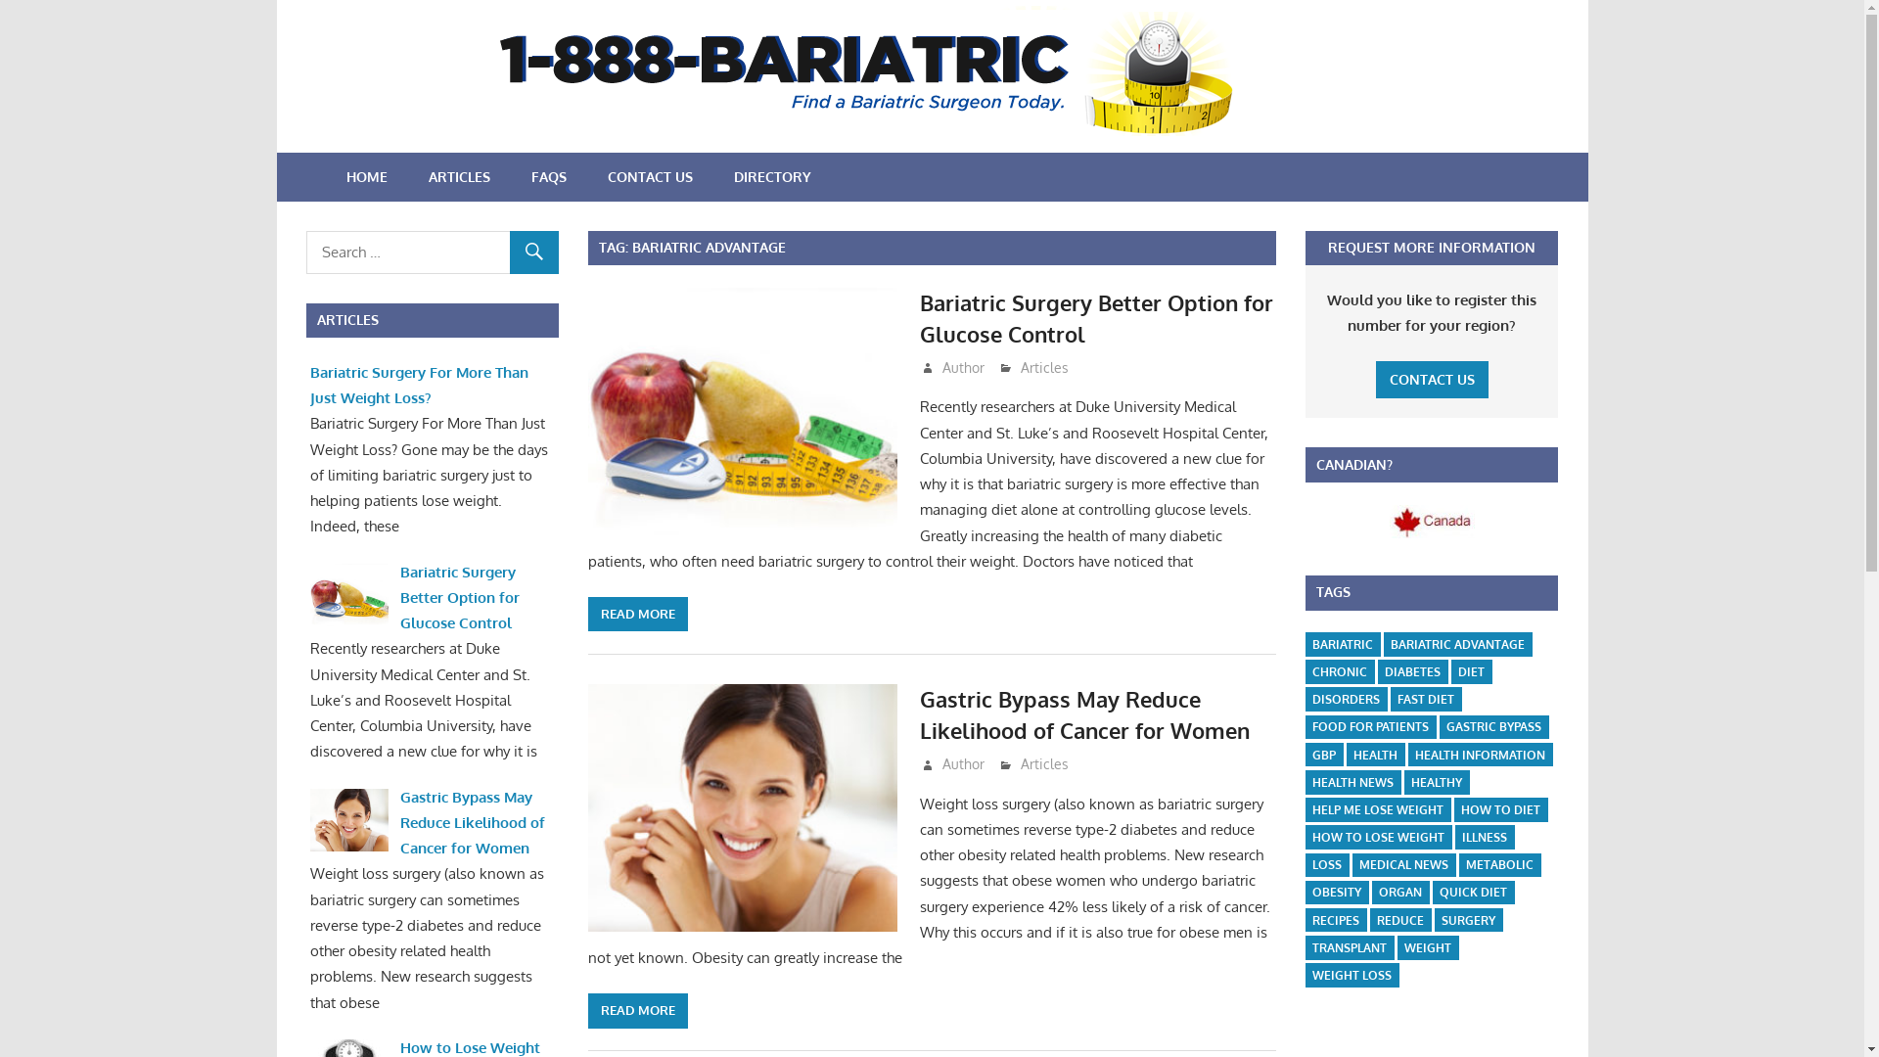  I want to click on 'HOME', so click(324, 177).